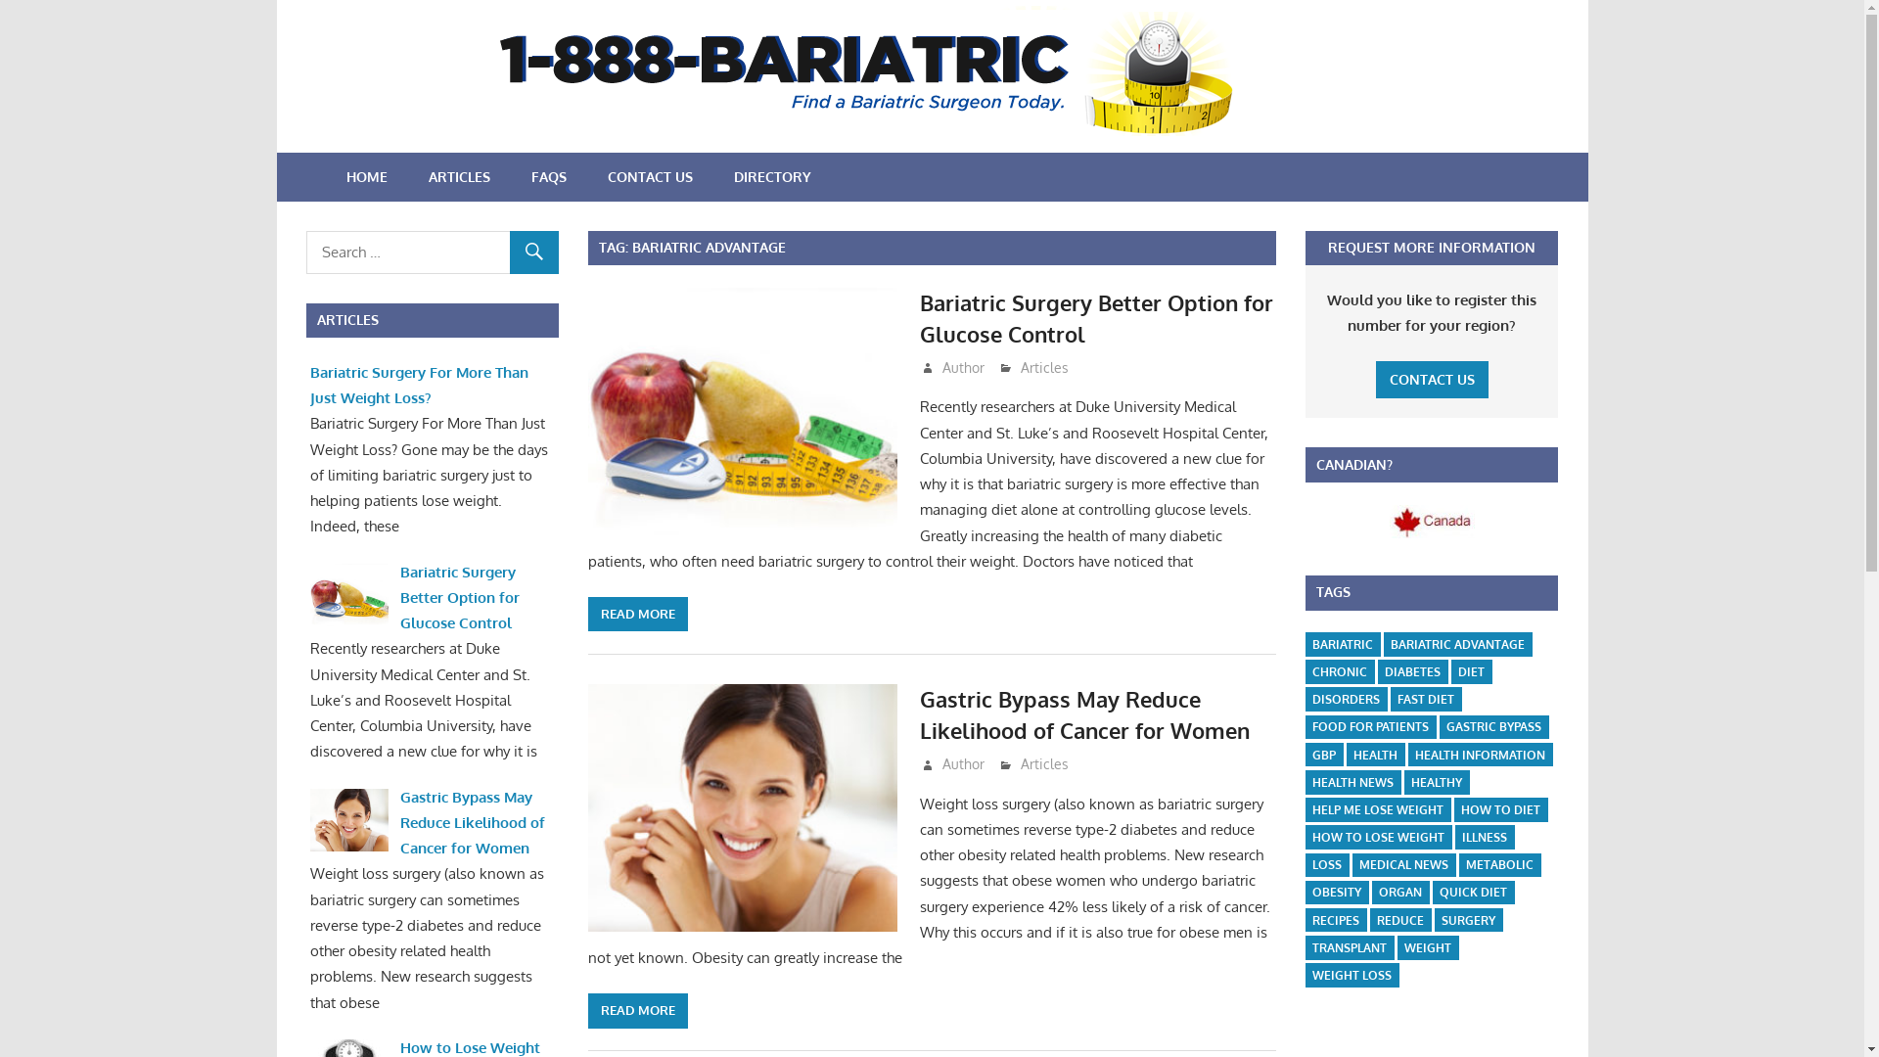  I want to click on 'HOME', so click(324, 177).